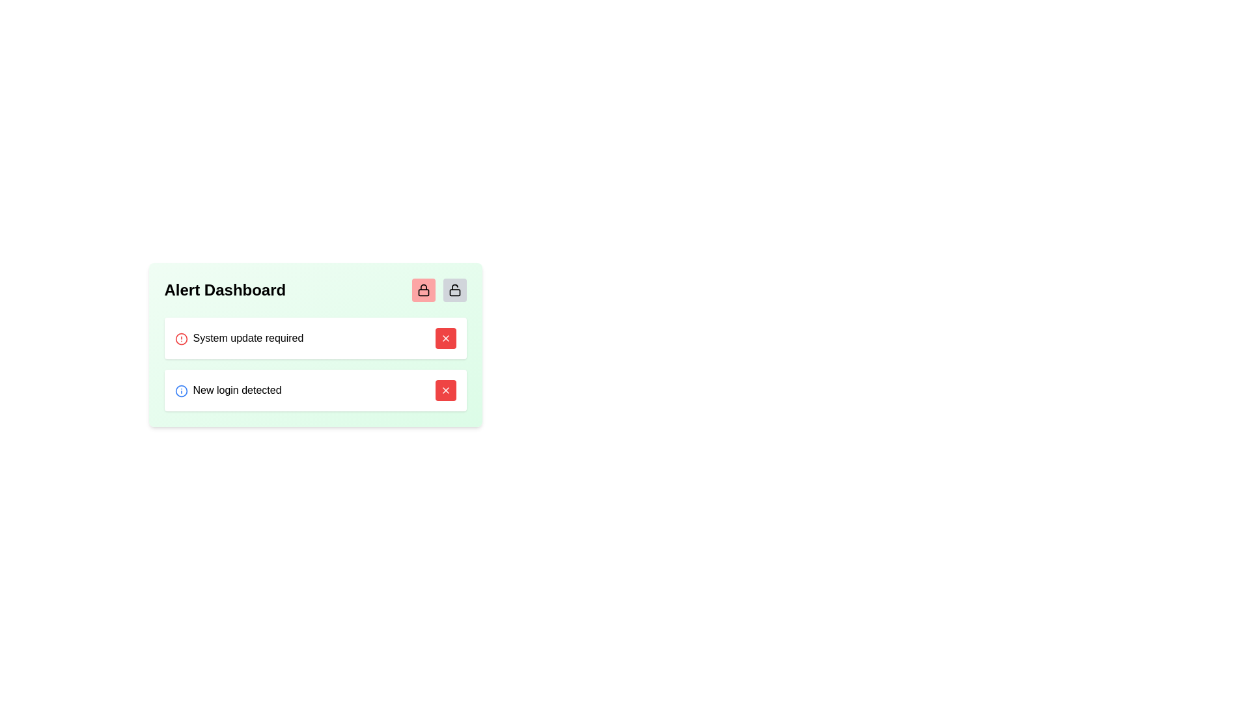 The image size is (1250, 703). Describe the element at coordinates (180, 390) in the screenshot. I see `the blue info icon with an embedded letter 'i', located to the left of the 'New login detected' text in the notification row of the 'Alert Dashboard'` at that location.